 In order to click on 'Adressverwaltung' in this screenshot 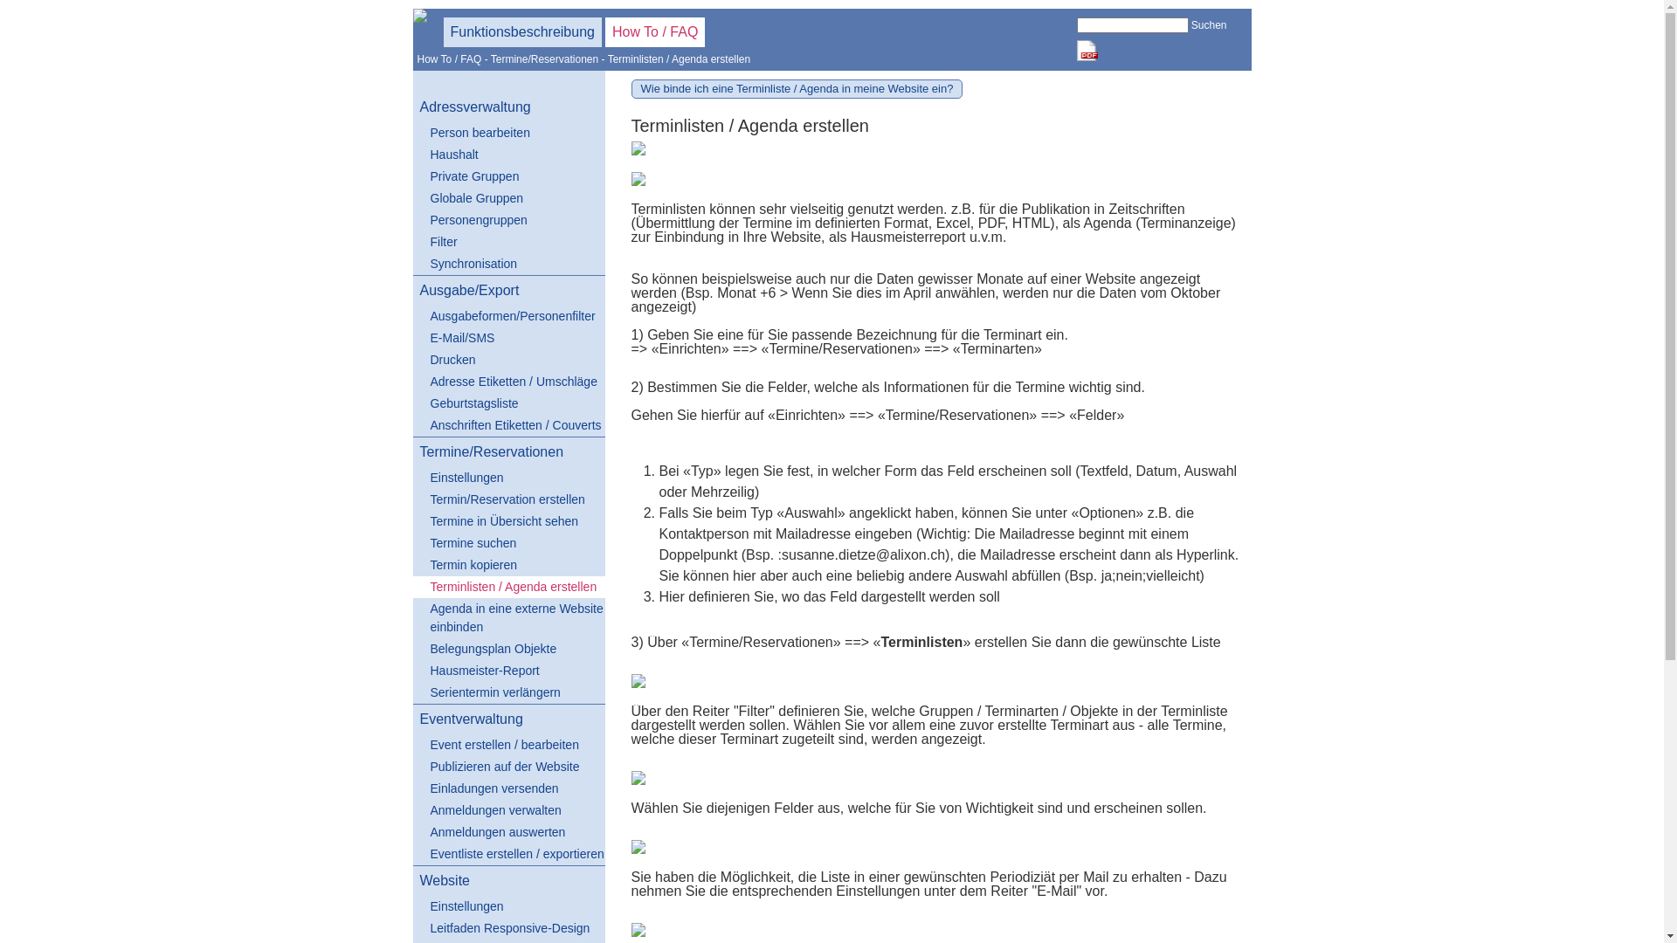, I will do `click(507, 107)`.